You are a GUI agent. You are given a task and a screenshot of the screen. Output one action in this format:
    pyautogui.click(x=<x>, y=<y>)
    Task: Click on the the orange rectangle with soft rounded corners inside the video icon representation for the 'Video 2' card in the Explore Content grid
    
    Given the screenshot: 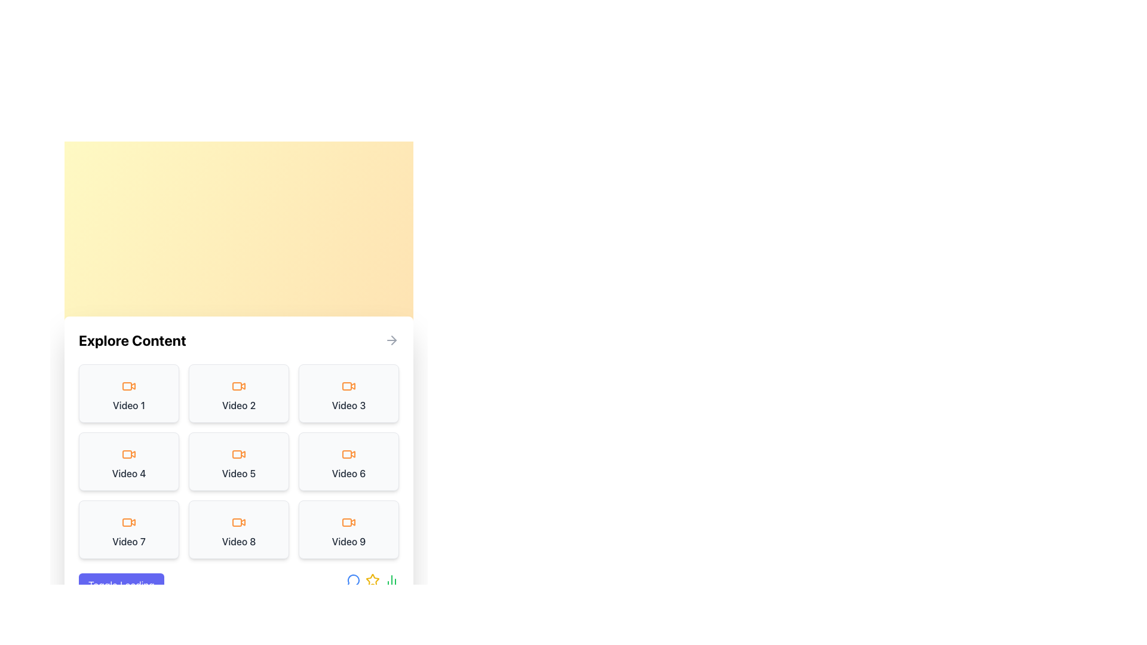 What is the action you would take?
    pyautogui.click(x=237, y=386)
    